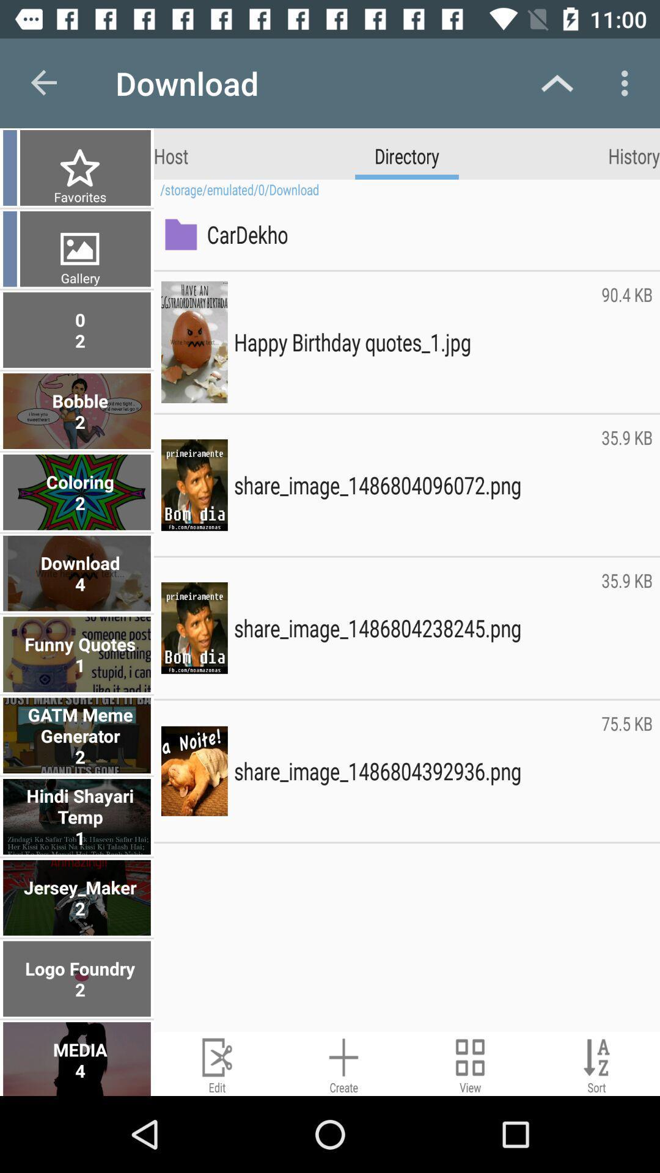  Describe the element at coordinates (216, 1063) in the screenshot. I see `edit image` at that location.